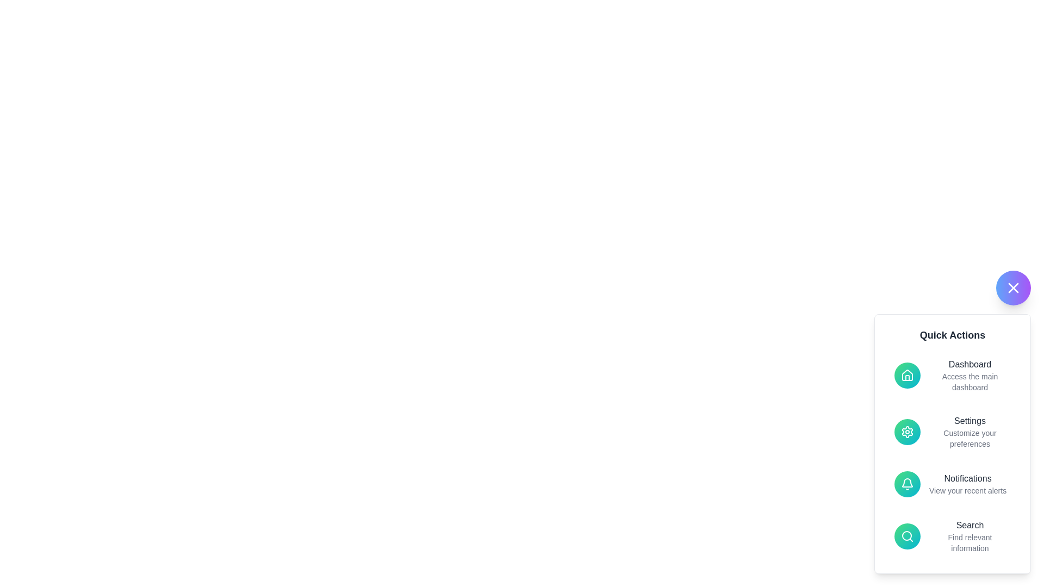 Image resolution: width=1044 pixels, height=587 pixels. Describe the element at coordinates (952, 536) in the screenshot. I see `the menu item labeled 'Search' to highlight it` at that location.